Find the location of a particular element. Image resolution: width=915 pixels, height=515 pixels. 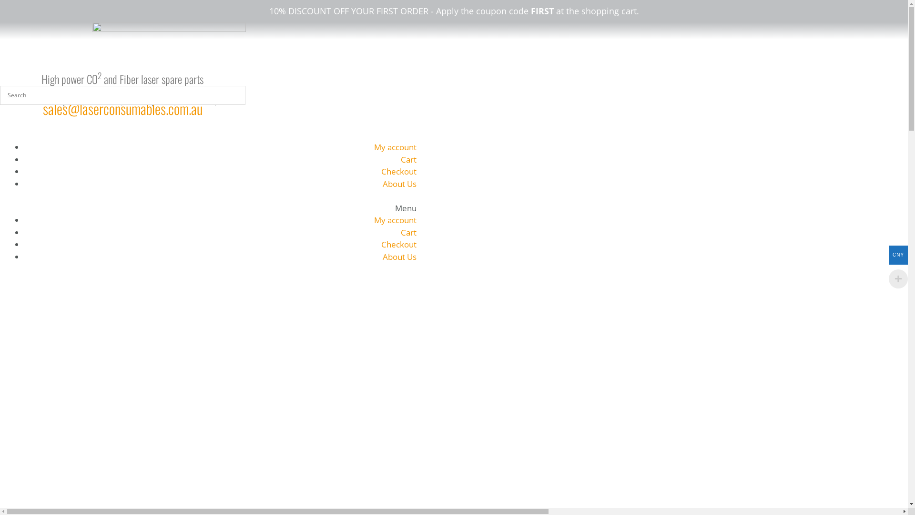

'Cart' is located at coordinates (408, 159).